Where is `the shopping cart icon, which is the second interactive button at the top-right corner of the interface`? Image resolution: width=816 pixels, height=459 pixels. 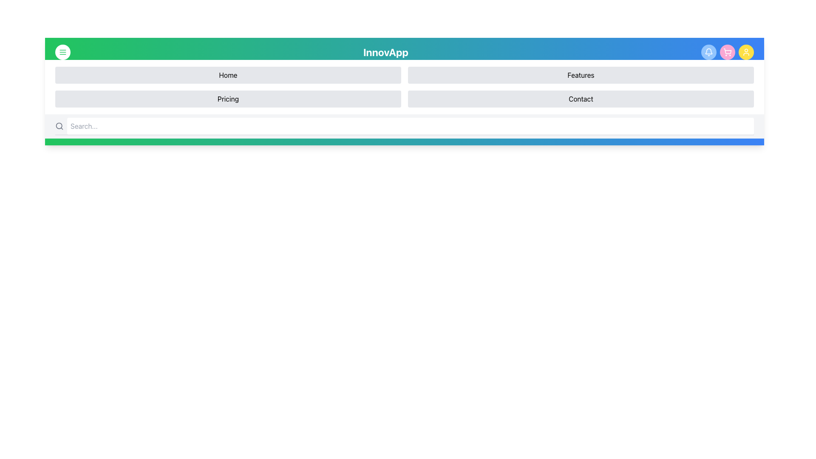
the shopping cart icon, which is the second interactive button at the top-right corner of the interface is located at coordinates (727, 52).